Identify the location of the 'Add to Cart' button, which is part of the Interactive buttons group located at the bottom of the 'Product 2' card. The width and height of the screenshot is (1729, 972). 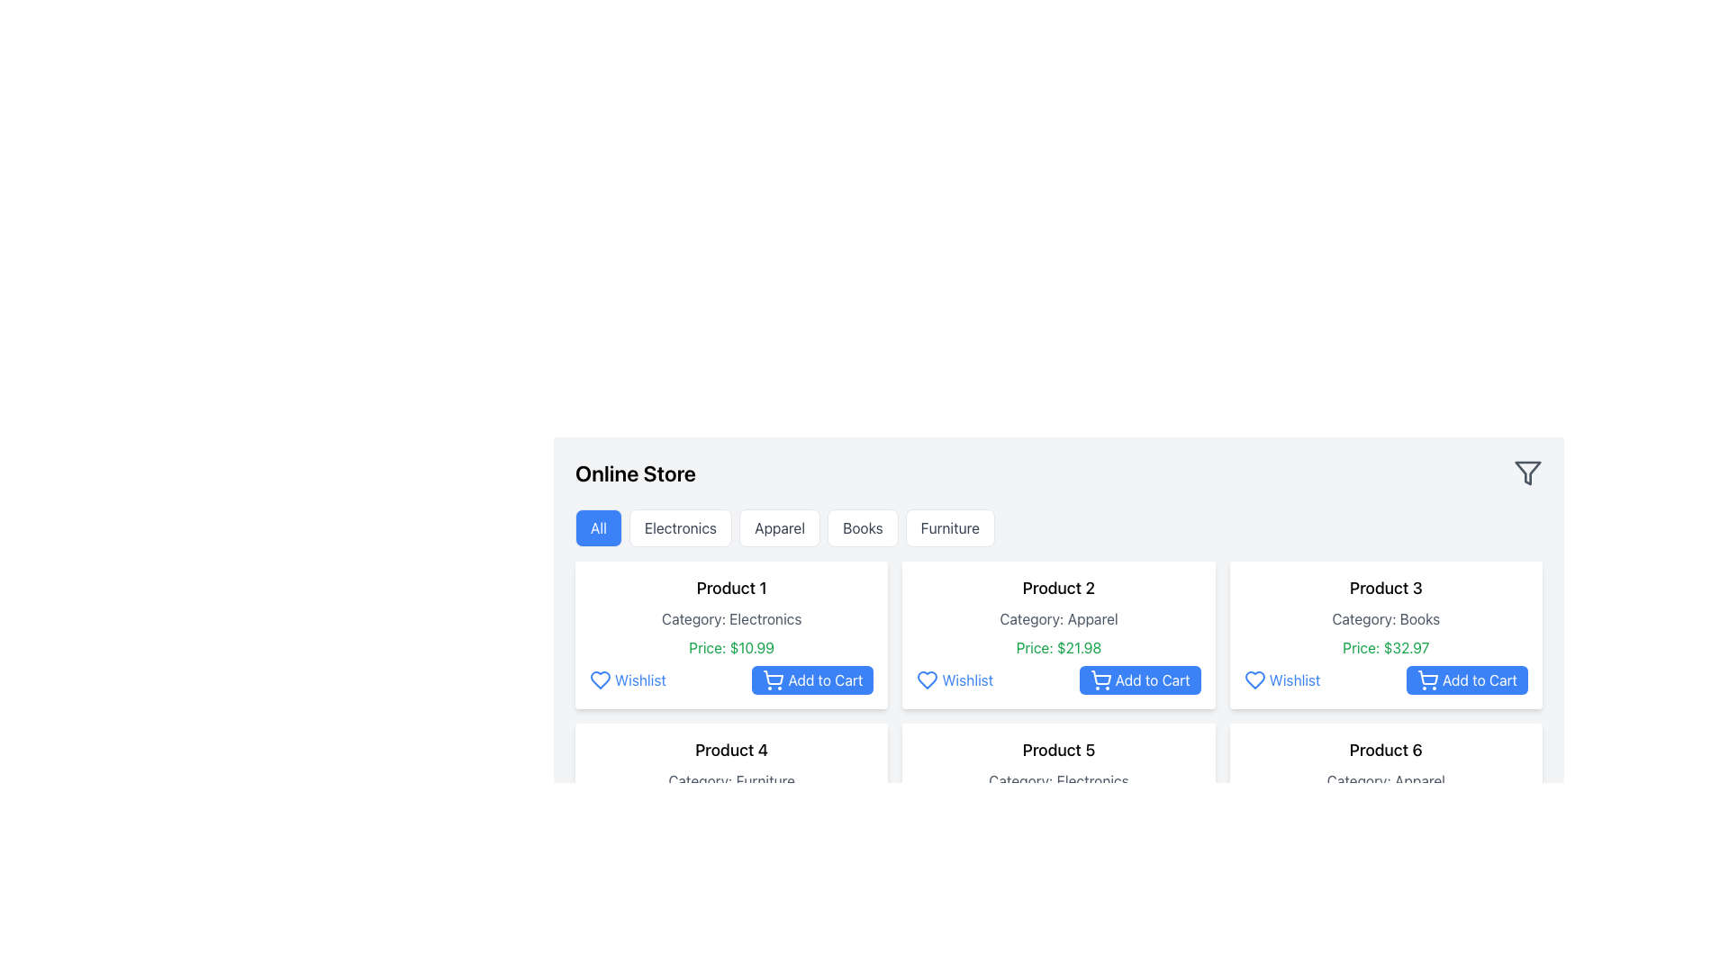
(1059, 680).